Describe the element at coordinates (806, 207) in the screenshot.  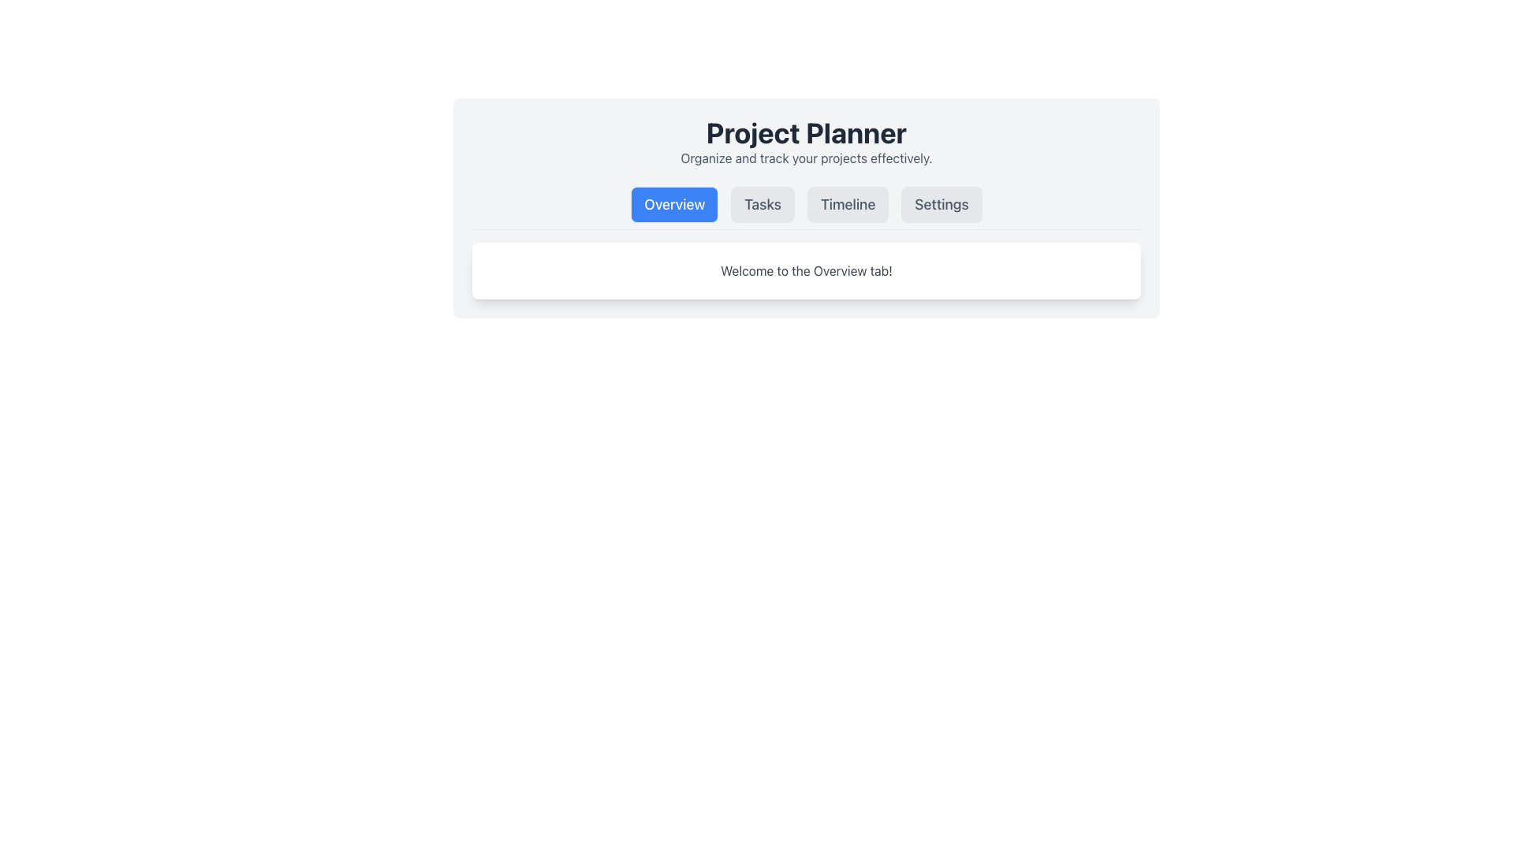
I see `the navigation buttons in the 'Project Planner' component` at that location.